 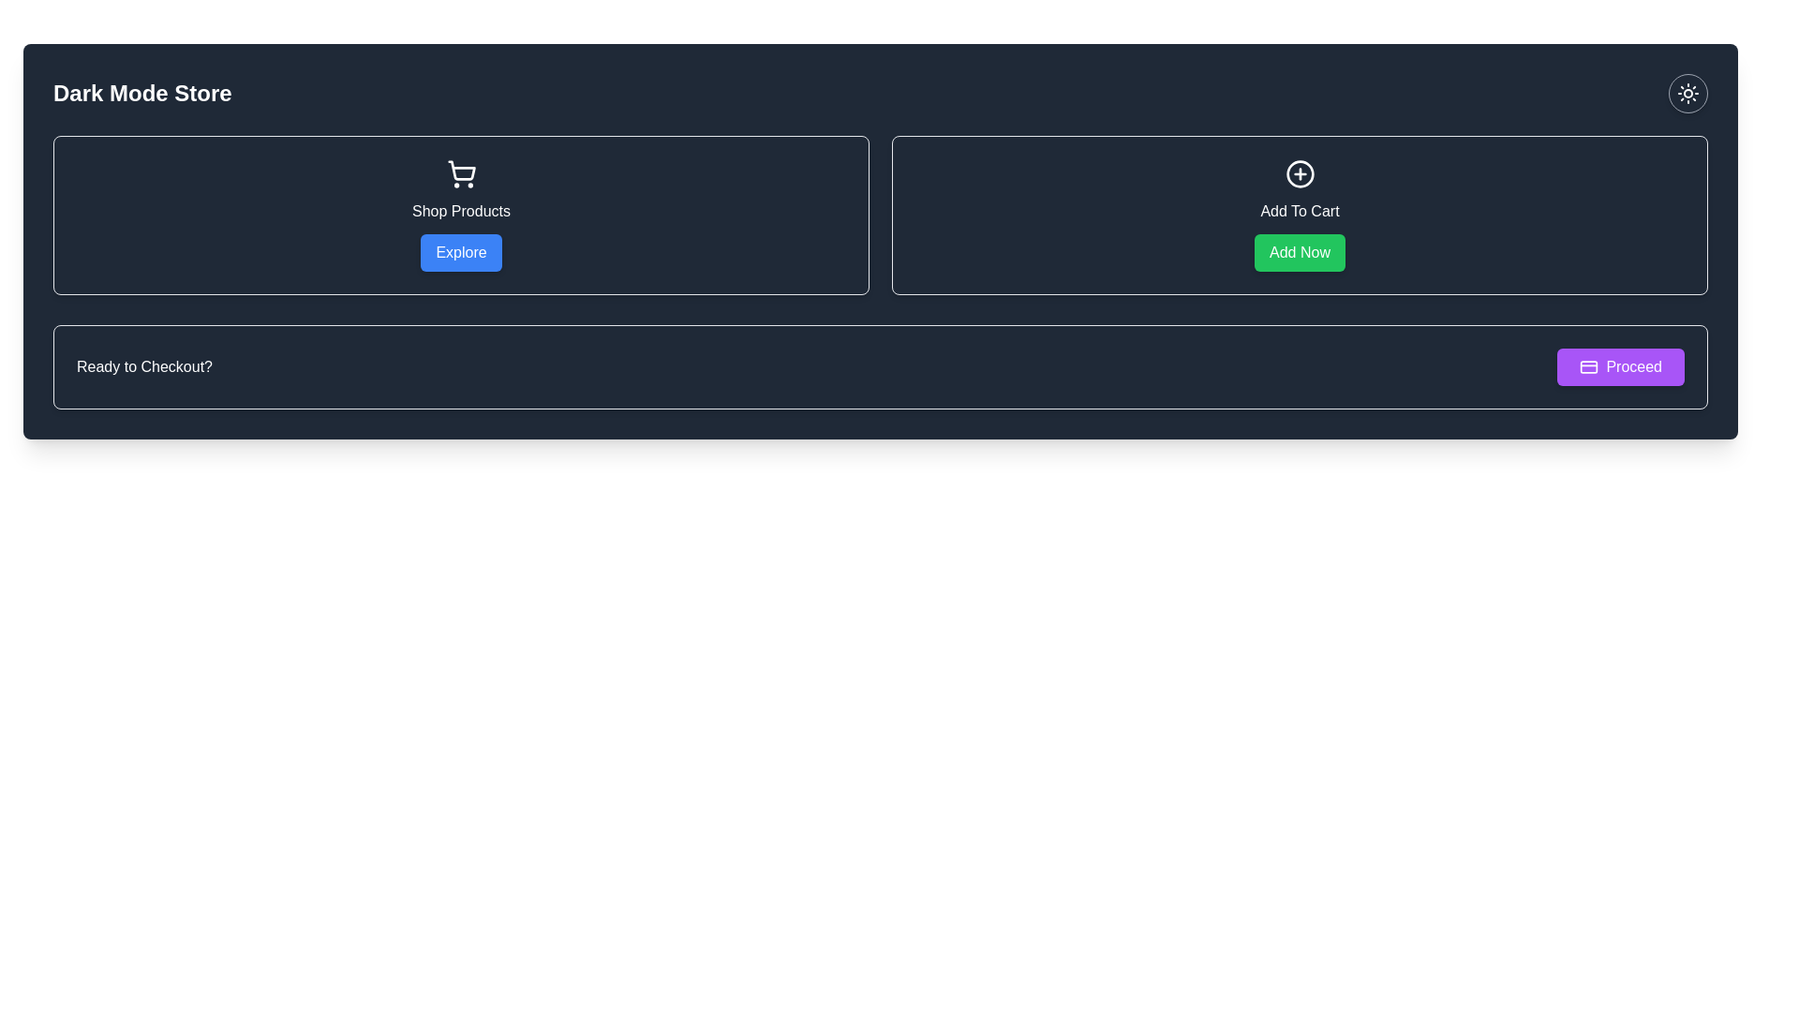 What do you see at coordinates (1620, 367) in the screenshot?
I see `the prominently styled 'Proceed' button with a light purple background and white text for visual feedback` at bounding box center [1620, 367].